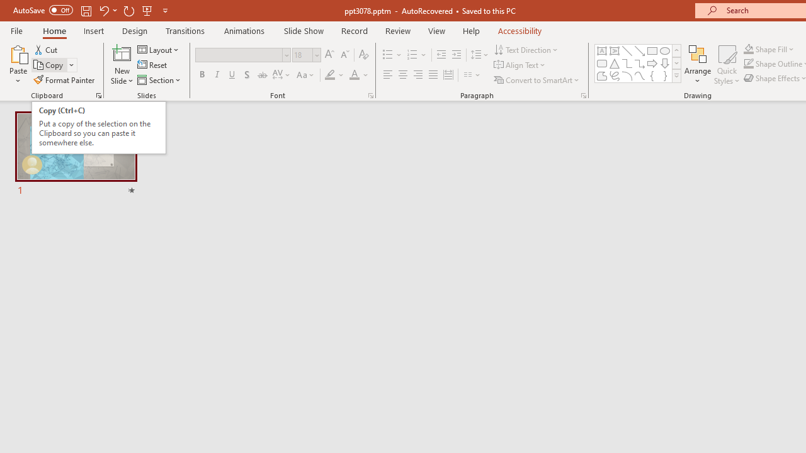  What do you see at coordinates (392, 54) in the screenshot?
I see `'Bullets'` at bounding box center [392, 54].